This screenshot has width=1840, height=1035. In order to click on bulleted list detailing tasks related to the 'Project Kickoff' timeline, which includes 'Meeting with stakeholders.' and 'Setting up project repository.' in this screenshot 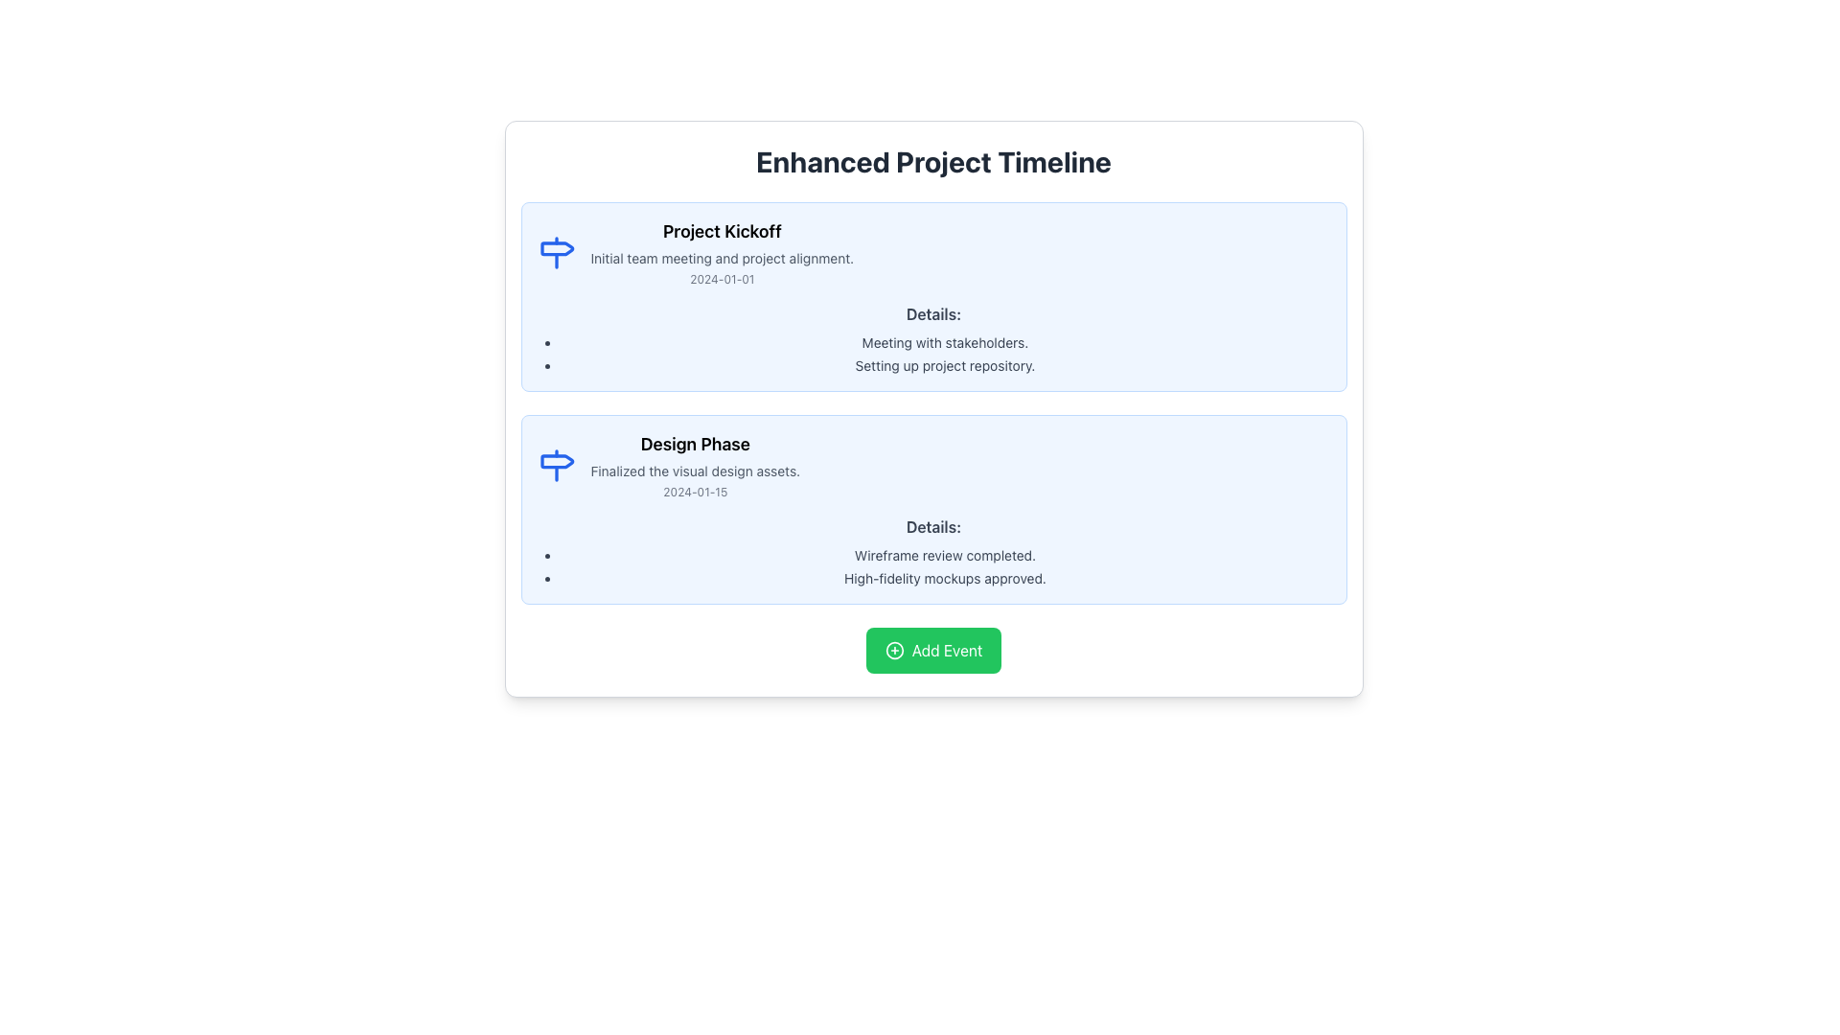, I will do `click(933, 355)`.